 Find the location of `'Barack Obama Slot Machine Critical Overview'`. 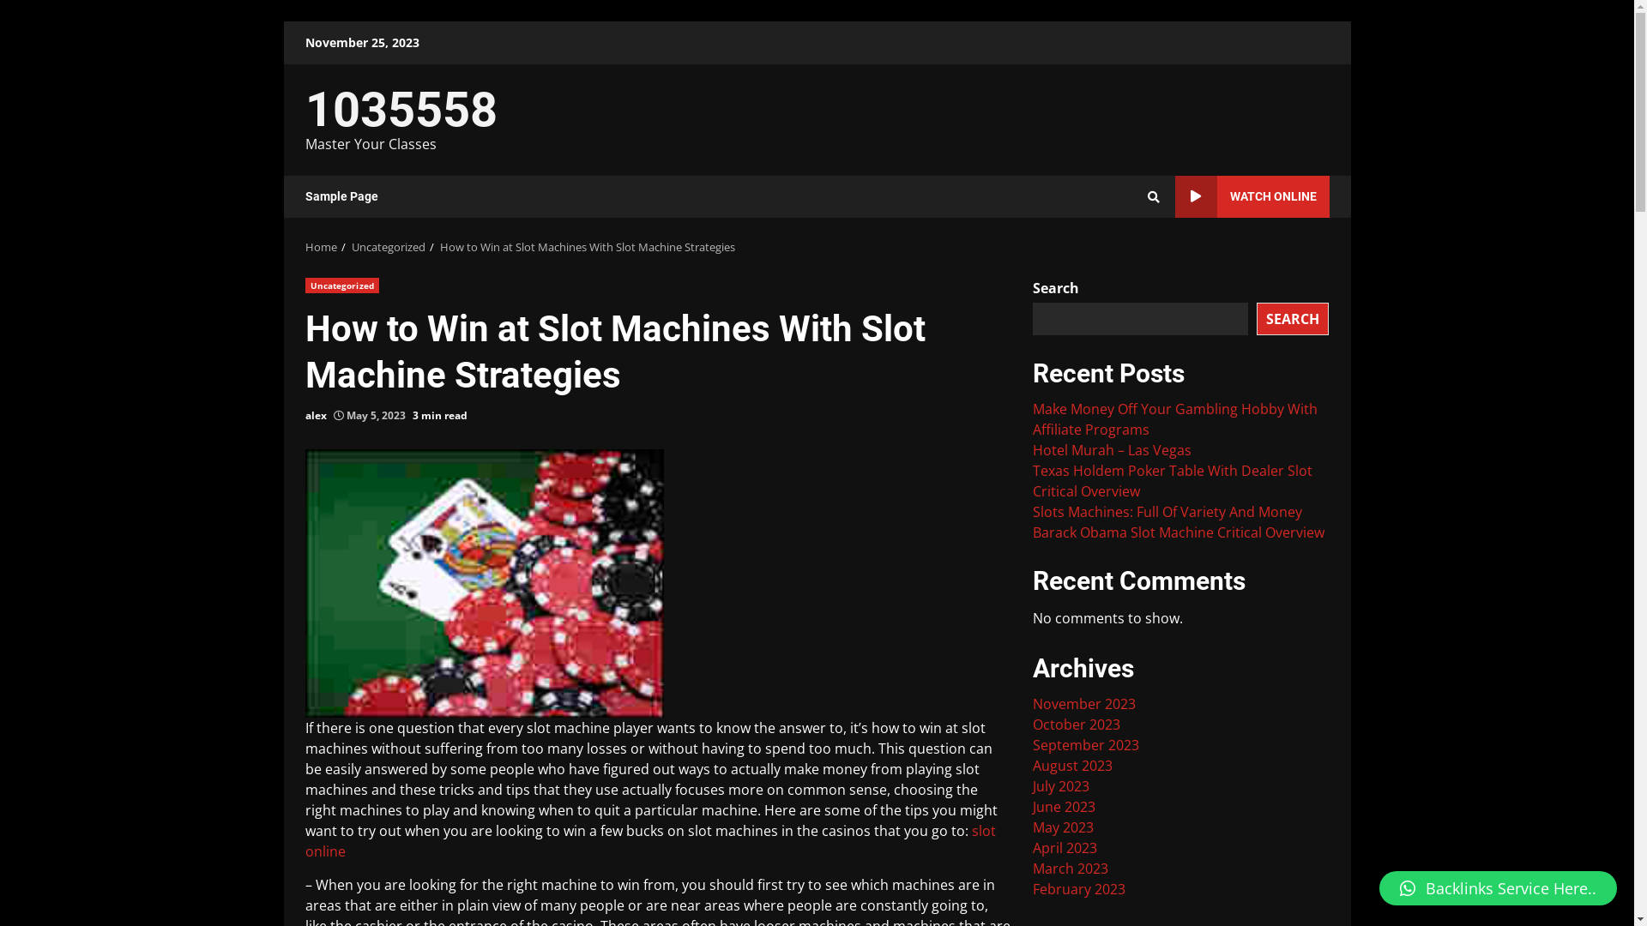

'Barack Obama Slot Machine Critical Overview' is located at coordinates (1177, 532).